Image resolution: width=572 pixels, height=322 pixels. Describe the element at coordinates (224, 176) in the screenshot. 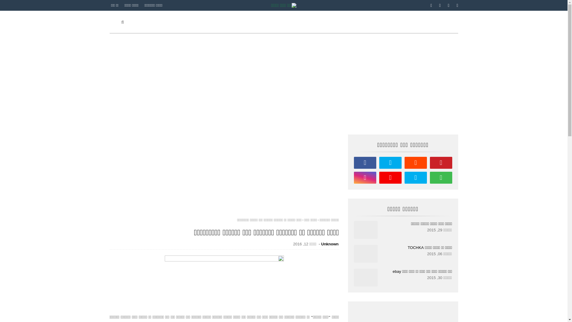

I see `'Advertisement'` at that location.